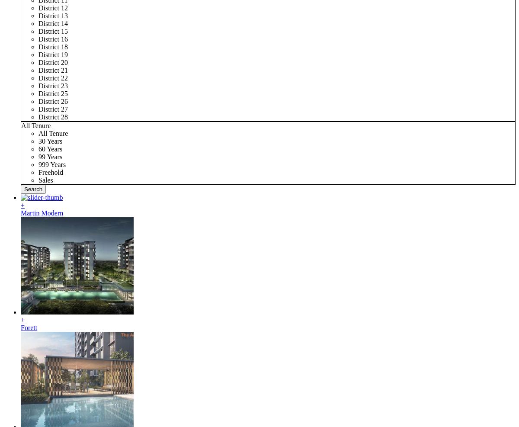 This screenshot has height=427, width=519. I want to click on 'District 19', so click(53, 55).